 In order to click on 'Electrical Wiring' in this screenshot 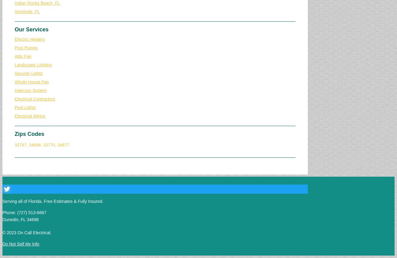, I will do `click(30, 115)`.